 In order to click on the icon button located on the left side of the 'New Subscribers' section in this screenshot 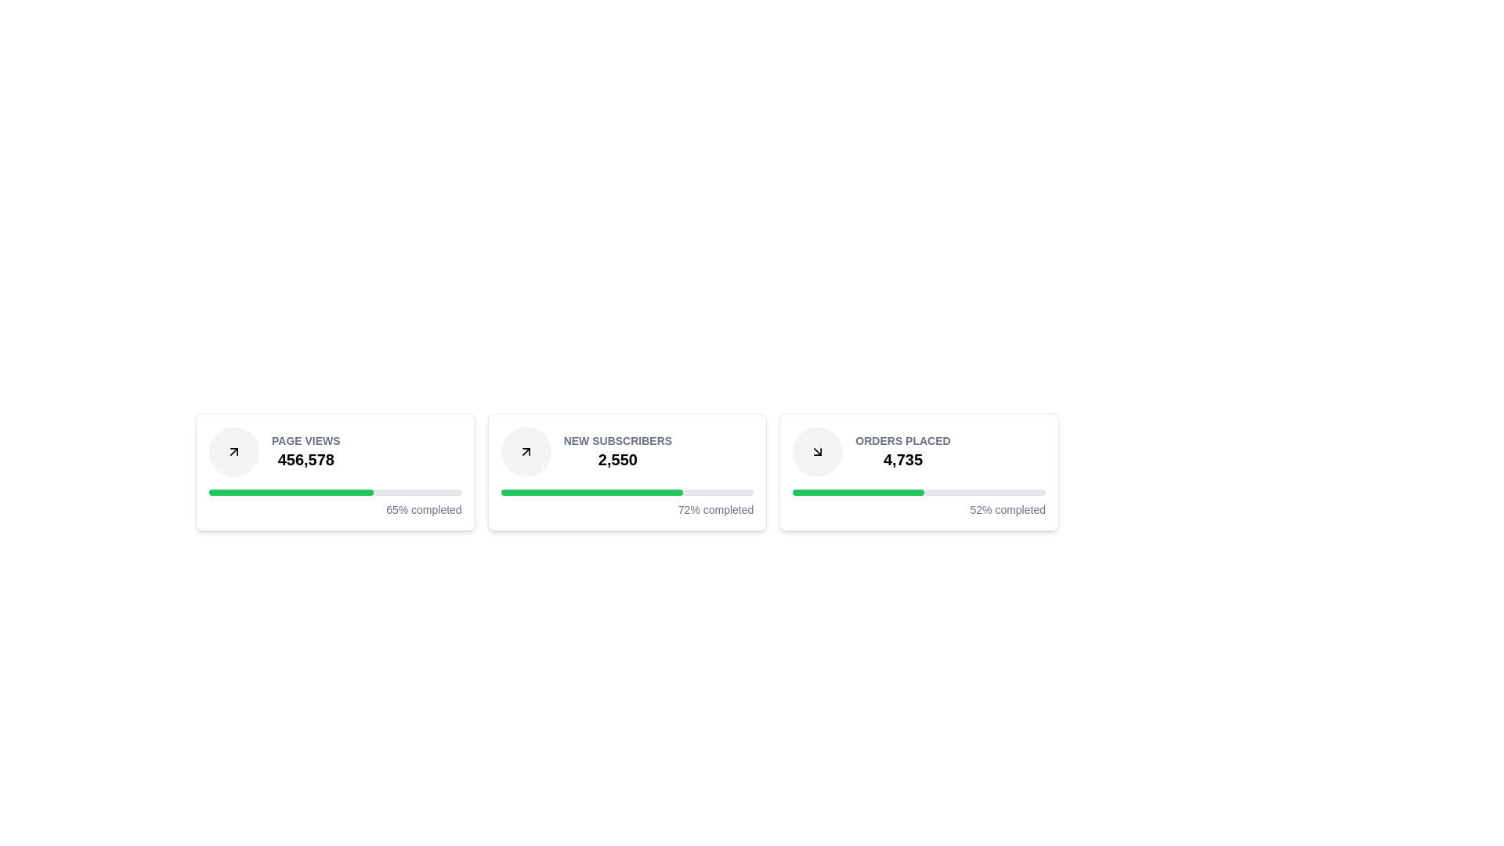, I will do `click(526, 452)`.